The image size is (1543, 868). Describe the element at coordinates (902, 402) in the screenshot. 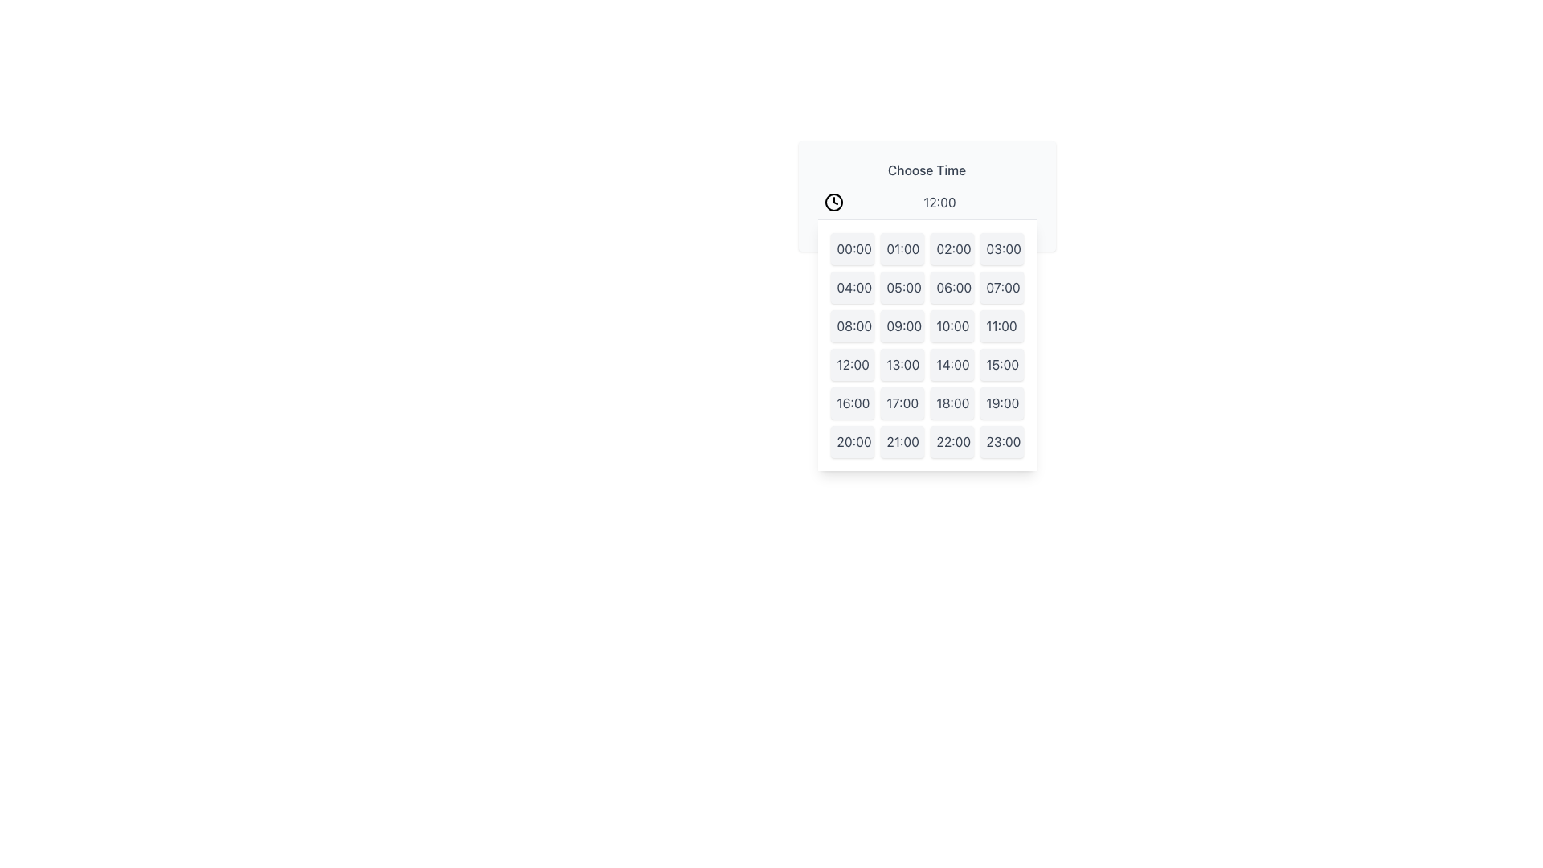

I see `the rectangular button labeled '17:00' with a light gray background` at that location.